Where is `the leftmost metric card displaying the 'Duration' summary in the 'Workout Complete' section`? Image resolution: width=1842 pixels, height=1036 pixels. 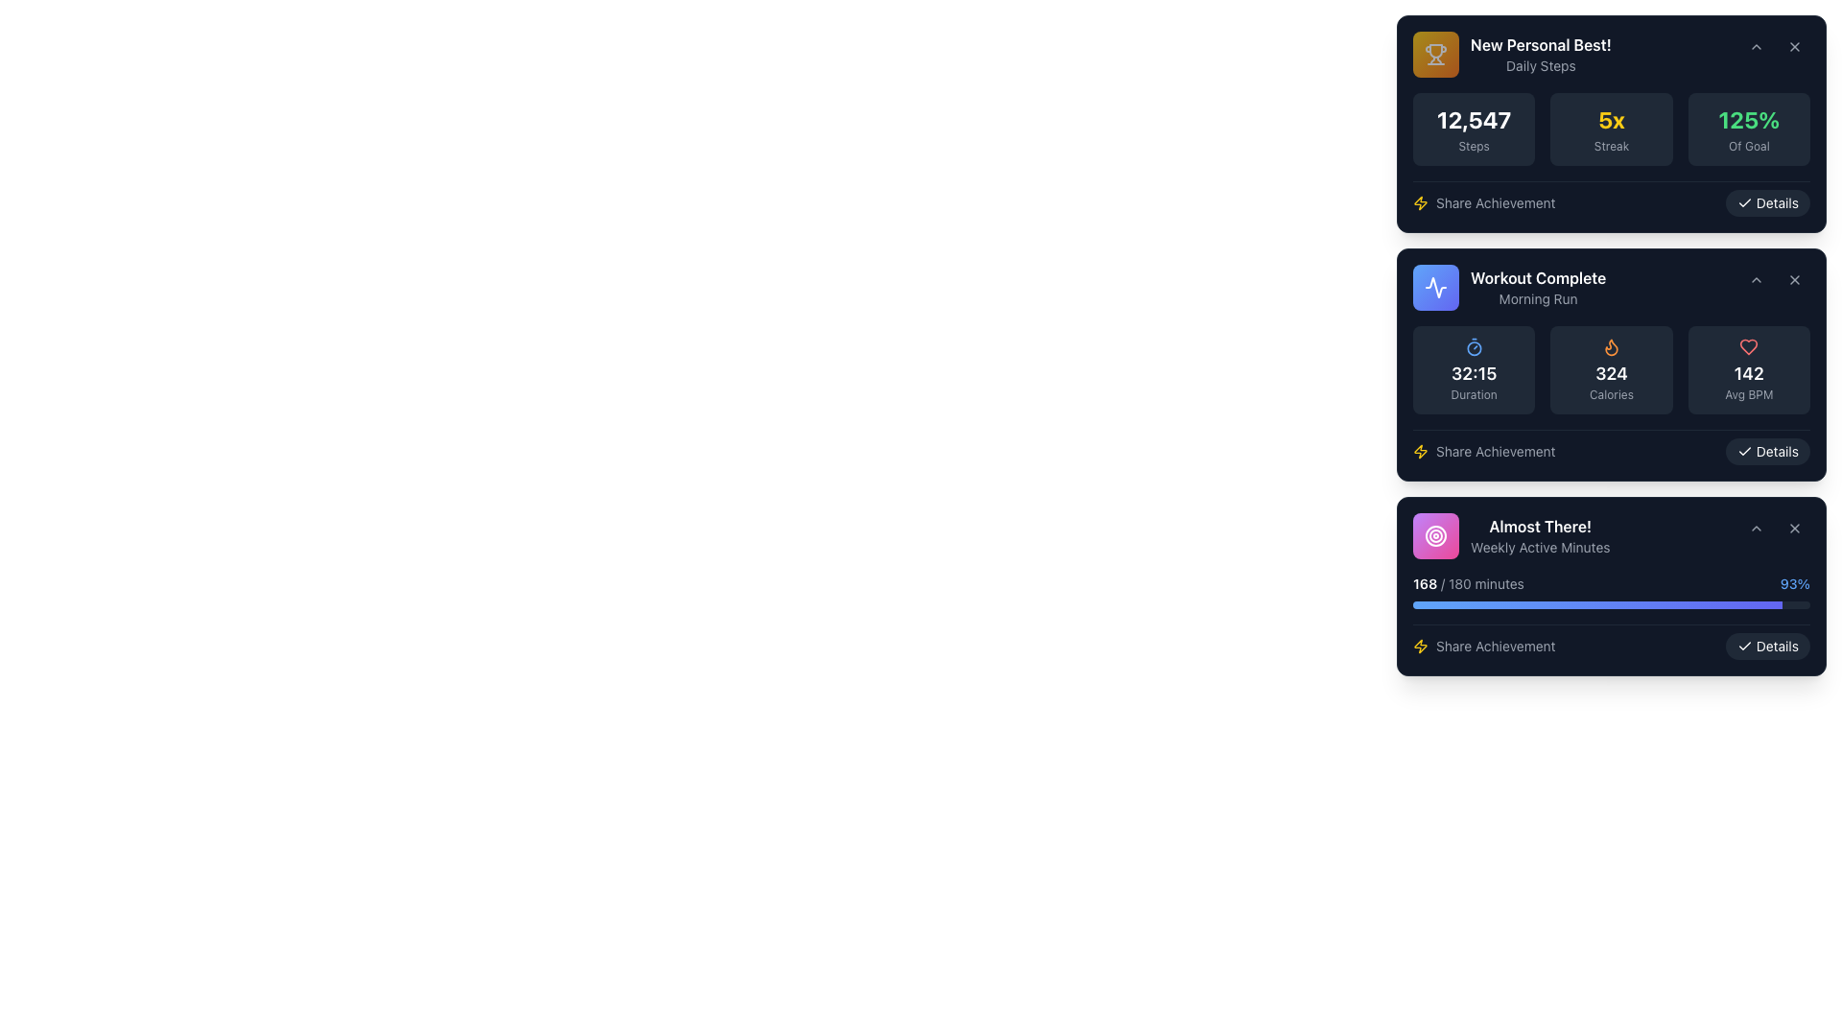 the leftmost metric card displaying the 'Duration' summary in the 'Workout Complete' section is located at coordinates (1473, 369).